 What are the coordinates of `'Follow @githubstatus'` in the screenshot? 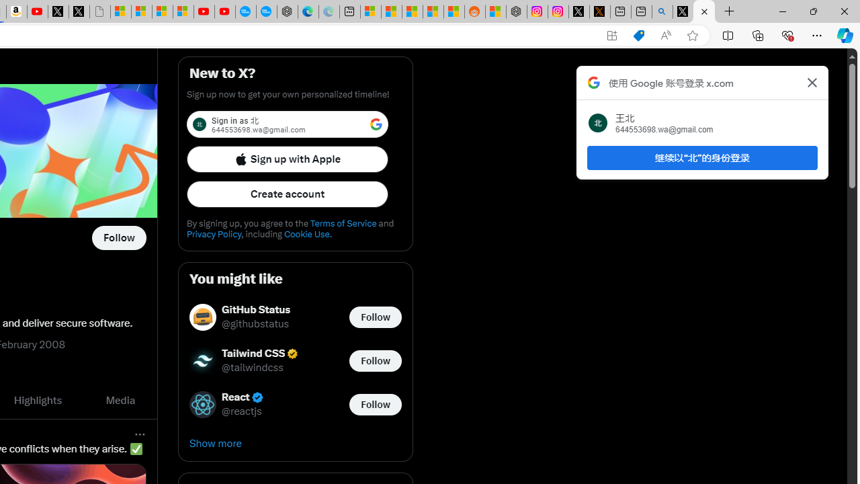 It's located at (375, 317).